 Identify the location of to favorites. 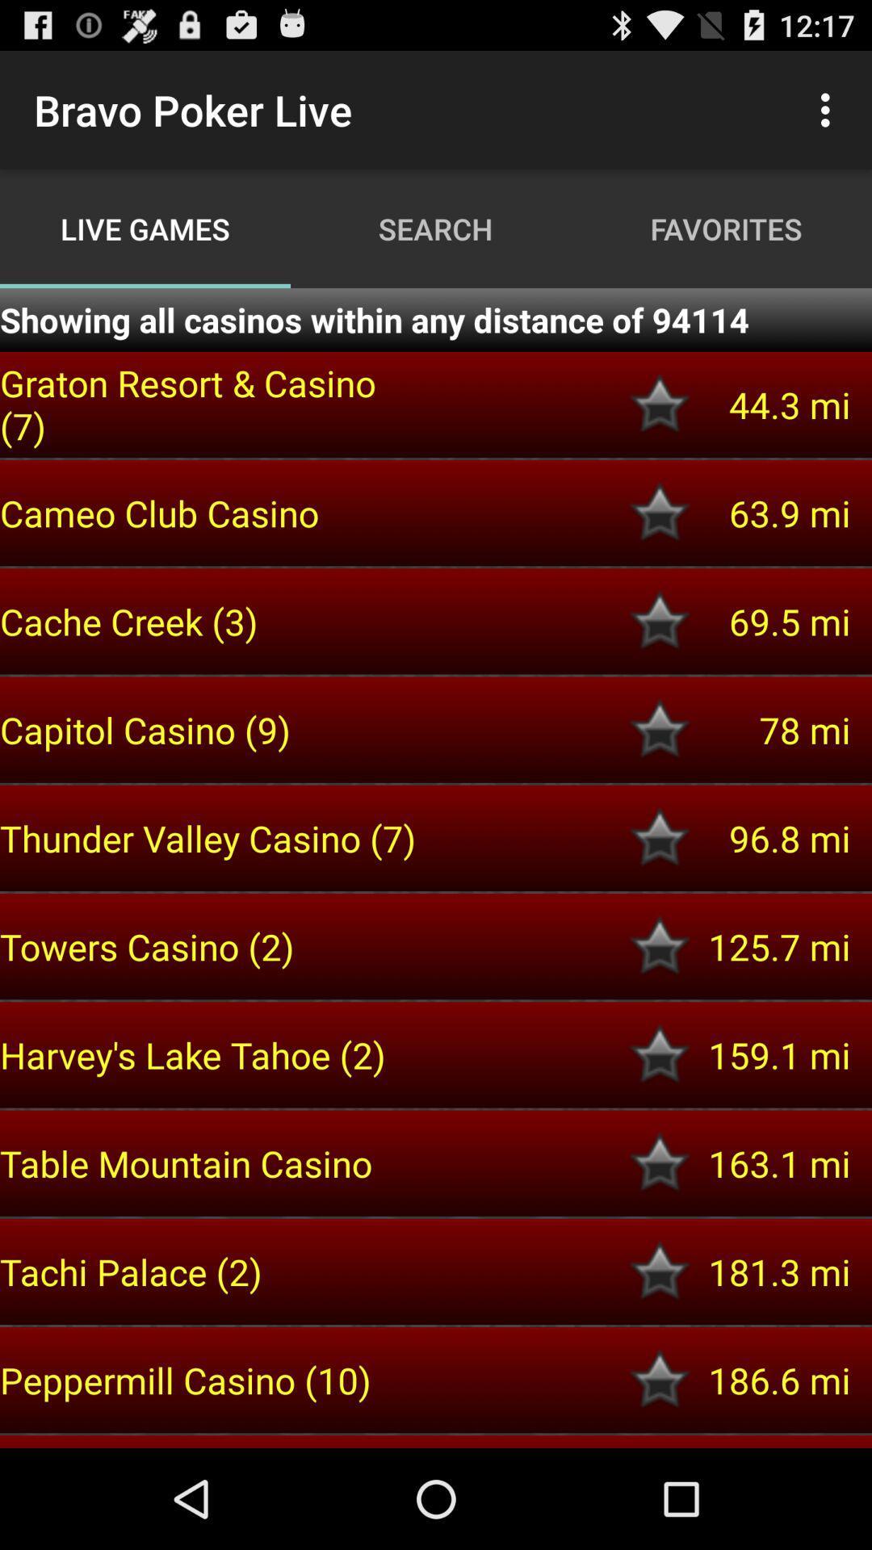
(660, 404).